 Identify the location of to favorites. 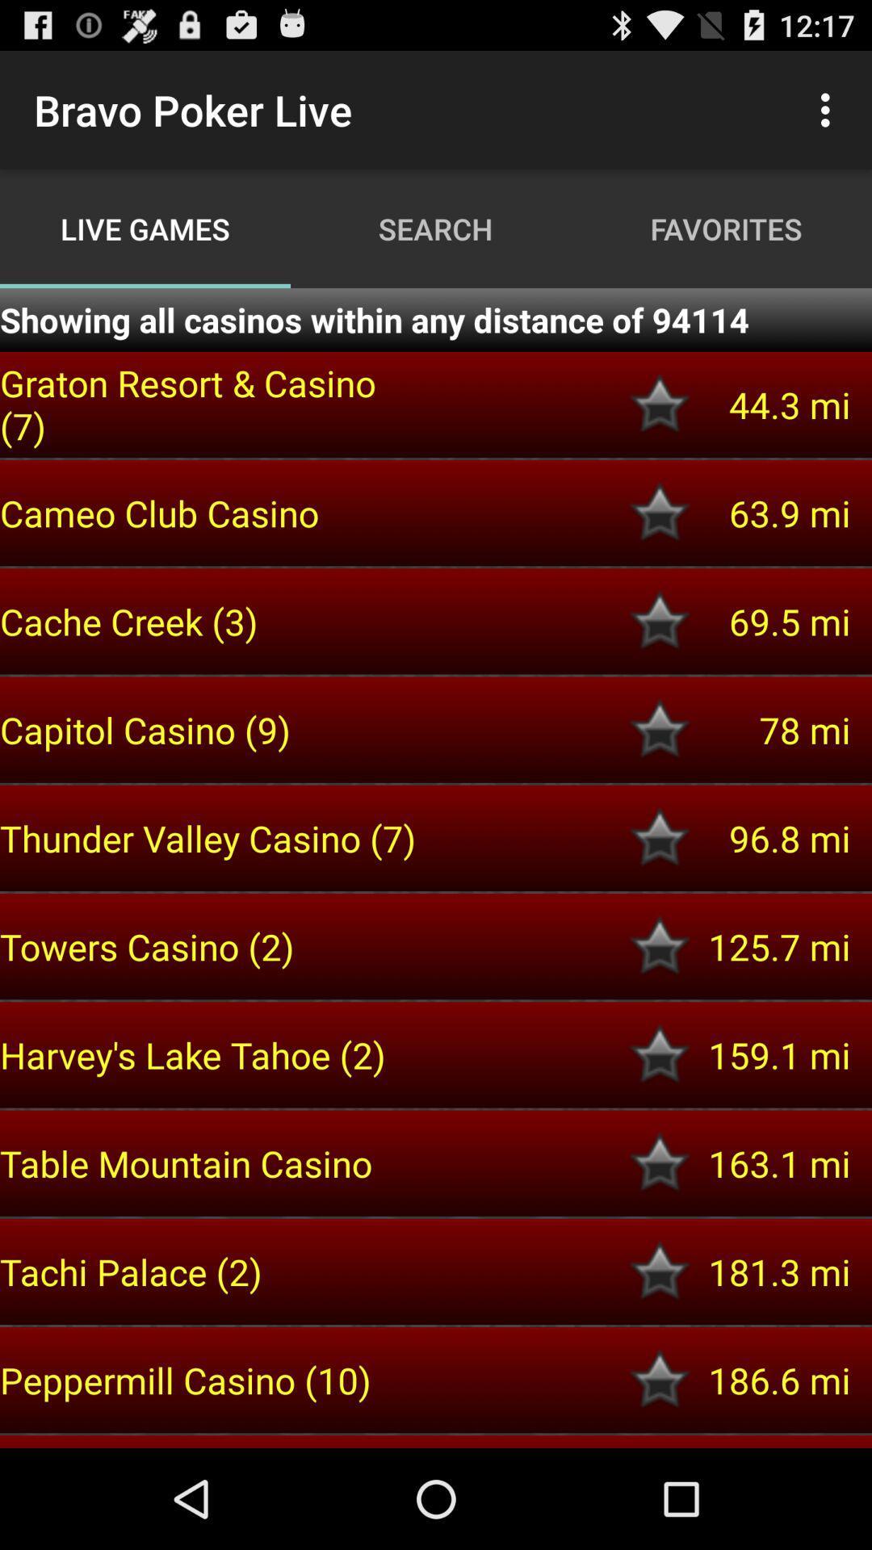
(660, 404).